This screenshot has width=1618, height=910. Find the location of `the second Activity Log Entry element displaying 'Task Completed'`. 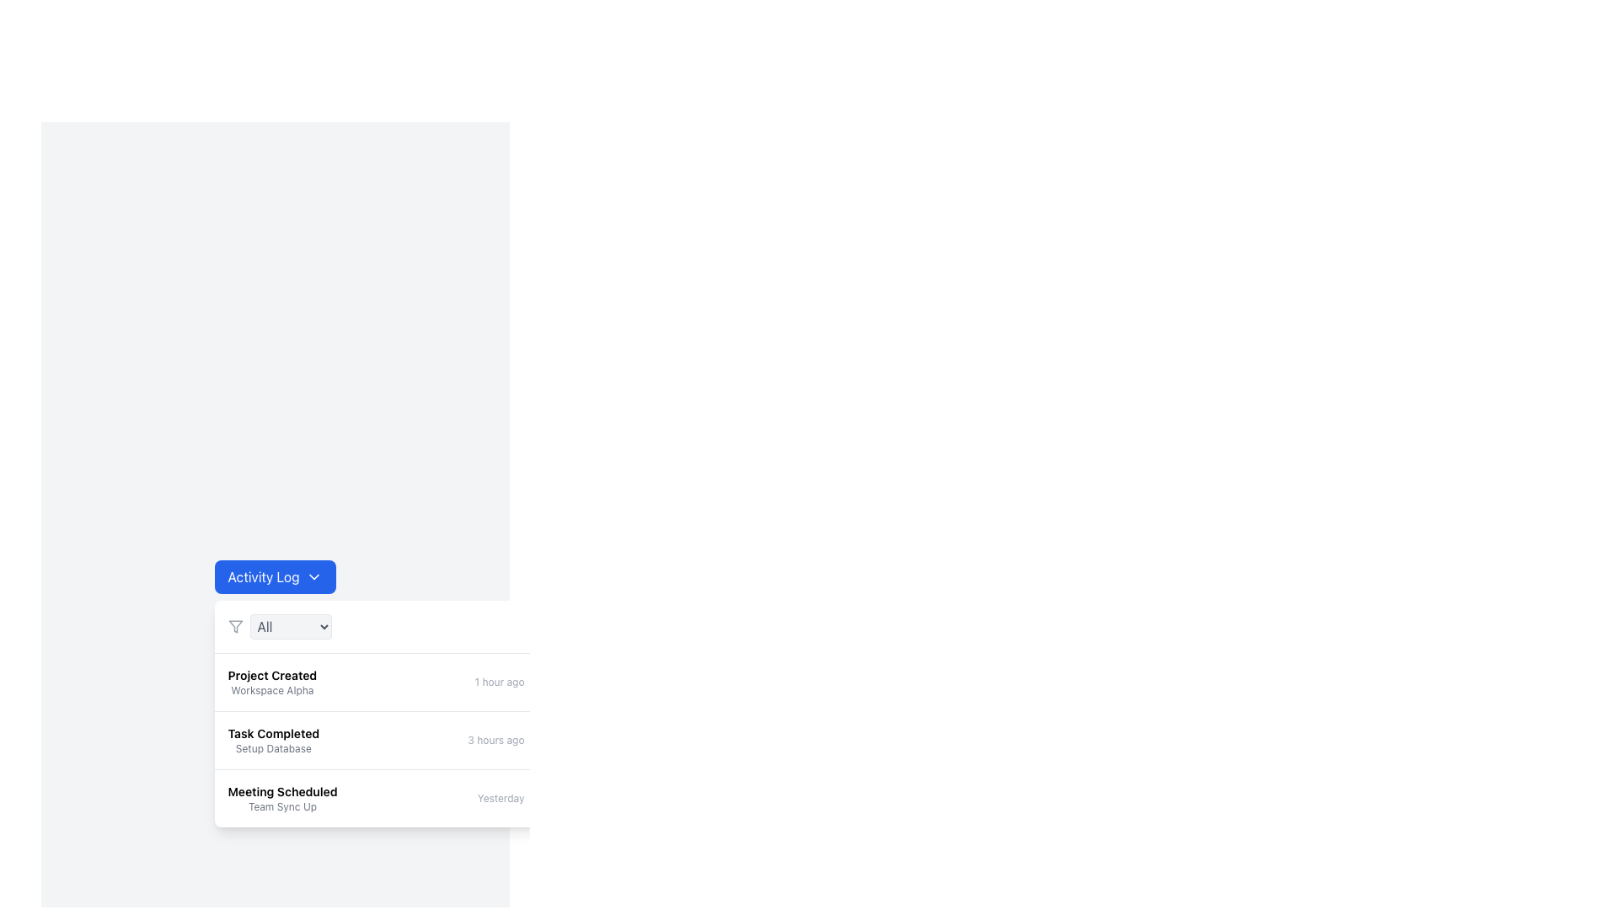

the second Activity Log Entry element displaying 'Task Completed' is located at coordinates (375, 740).